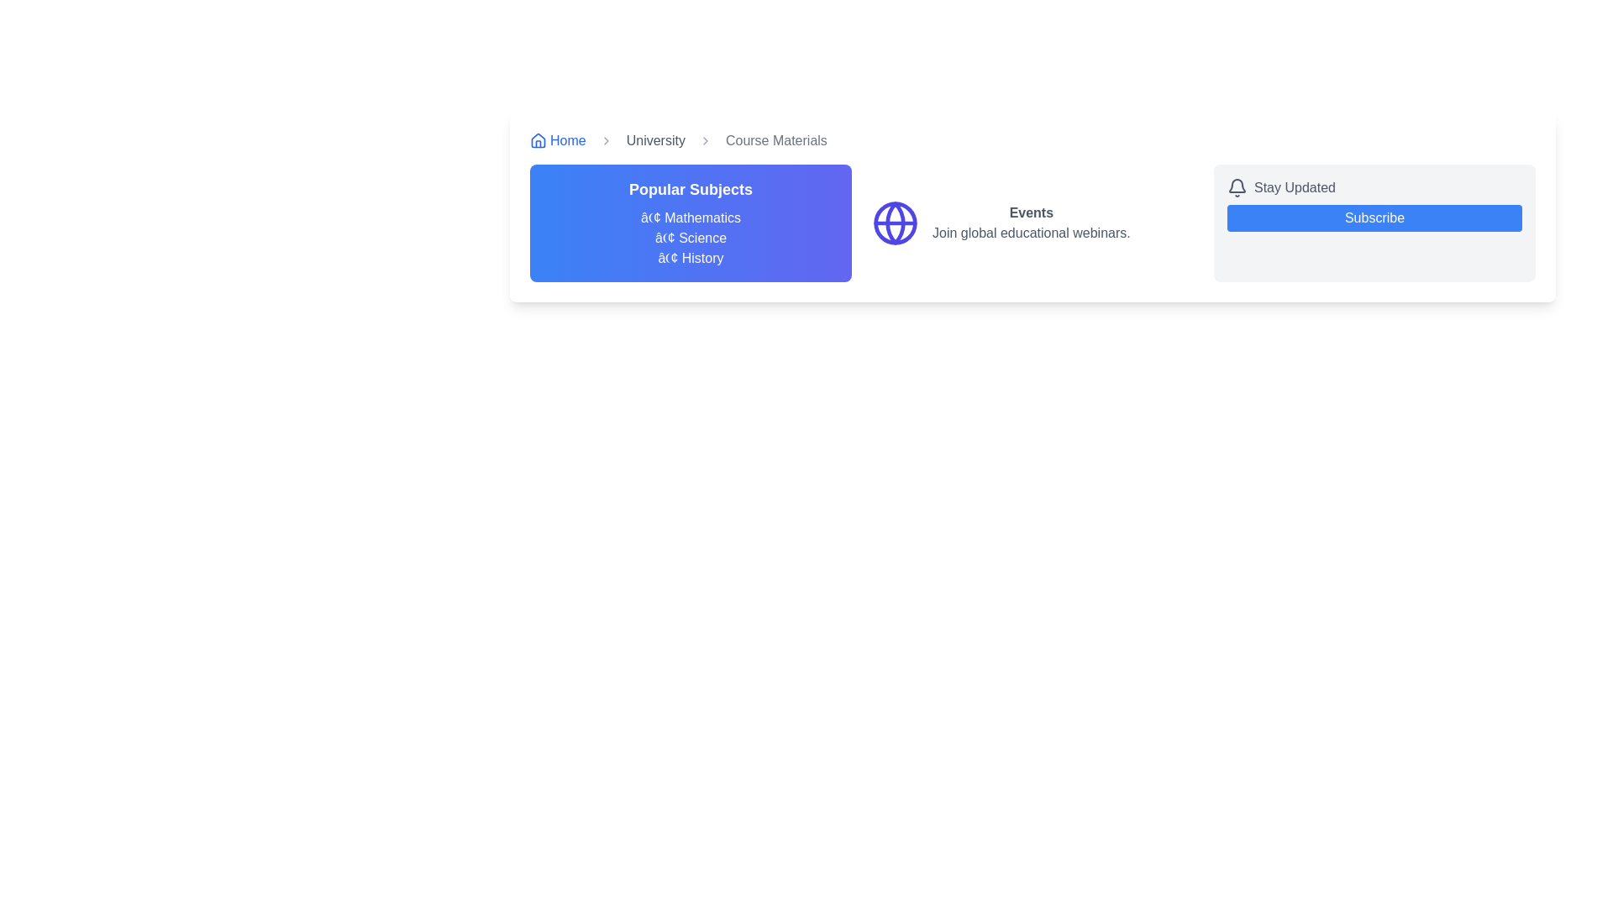  What do you see at coordinates (558, 140) in the screenshot?
I see `the 'Home' link which is represented by blue text and an adjacent house icon in the top-left corner of the navigation bar` at bounding box center [558, 140].